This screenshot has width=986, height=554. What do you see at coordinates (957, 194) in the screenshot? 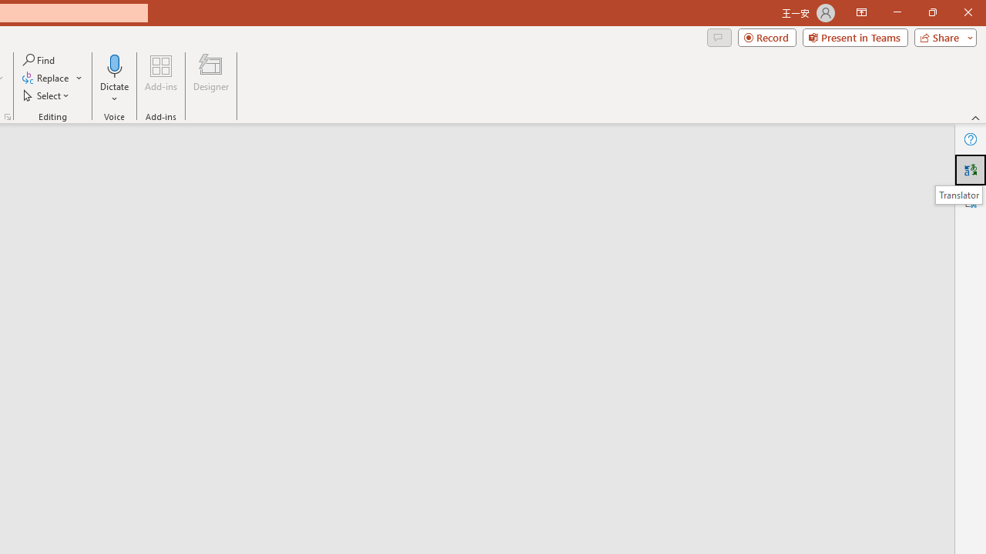
I see `'Translator'` at bounding box center [957, 194].